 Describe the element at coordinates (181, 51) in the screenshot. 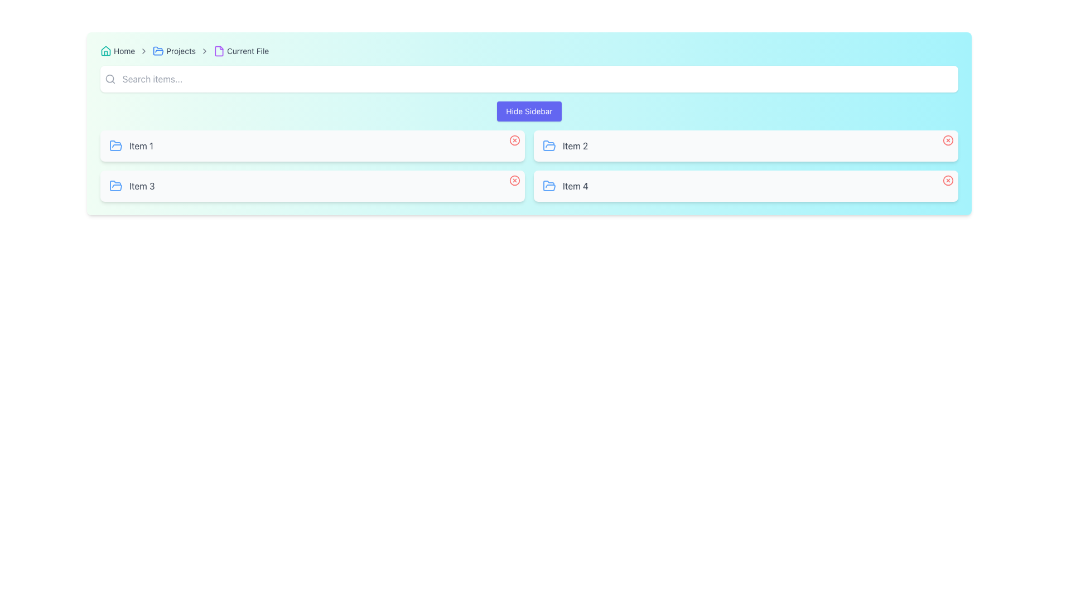

I see `the 'Projects' text label in the breadcrumb navigation bar, which is the third item in the sequence, to indicate the current position within the navigation hierarchy` at that location.